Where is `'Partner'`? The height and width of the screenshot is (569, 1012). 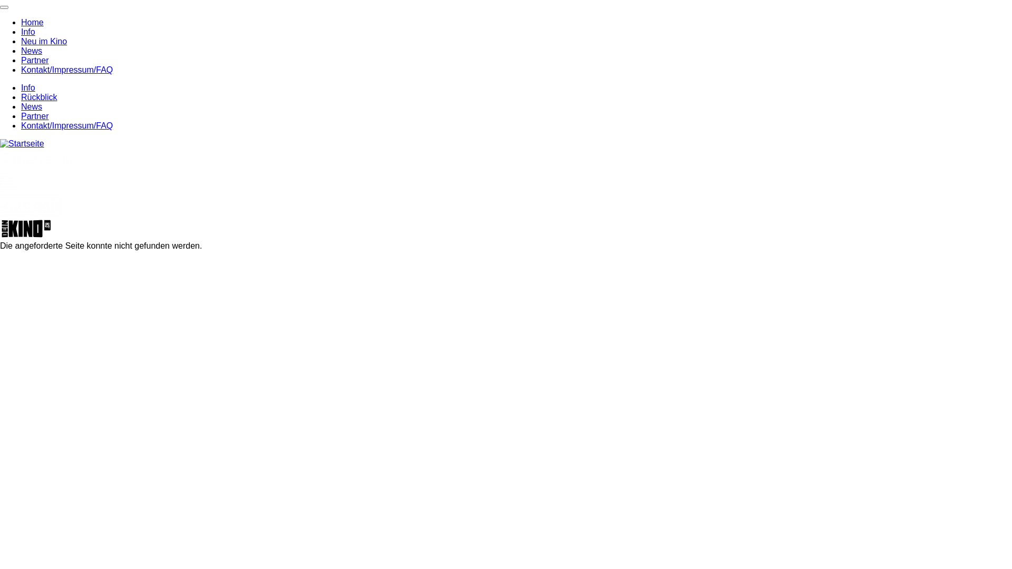
'Partner' is located at coordinates (35, 116).